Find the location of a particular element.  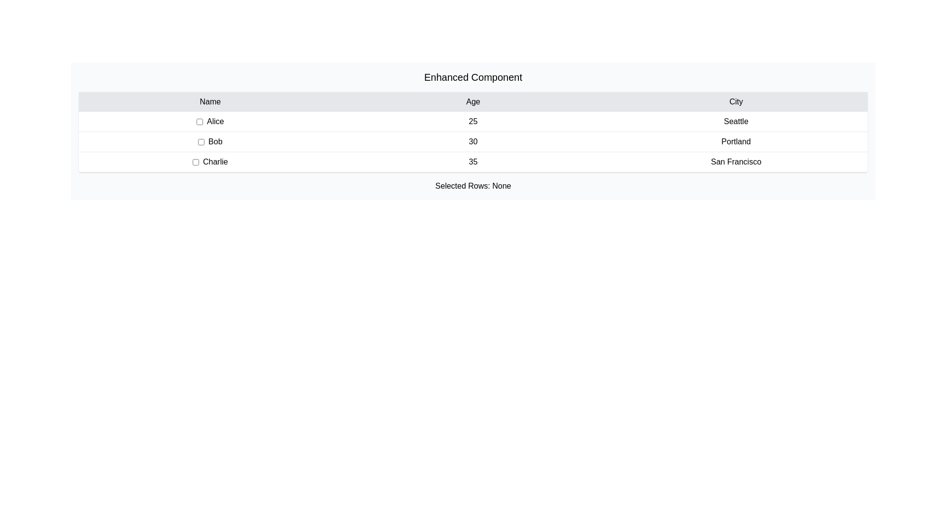

the text label displaying the age of 'Charlie' in the 'Age' column of the table is located at coordinates (473, 161).